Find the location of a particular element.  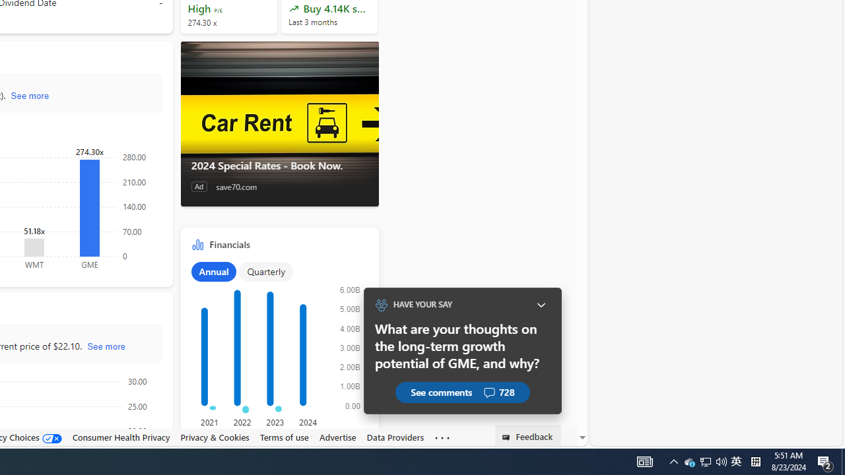

'Quarterly' is located at coordinates (265, 270).